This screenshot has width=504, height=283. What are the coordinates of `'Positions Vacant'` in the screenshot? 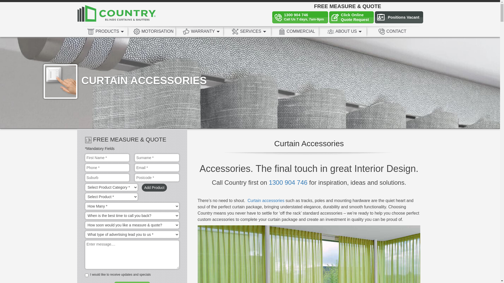 It's located at (399, 17).